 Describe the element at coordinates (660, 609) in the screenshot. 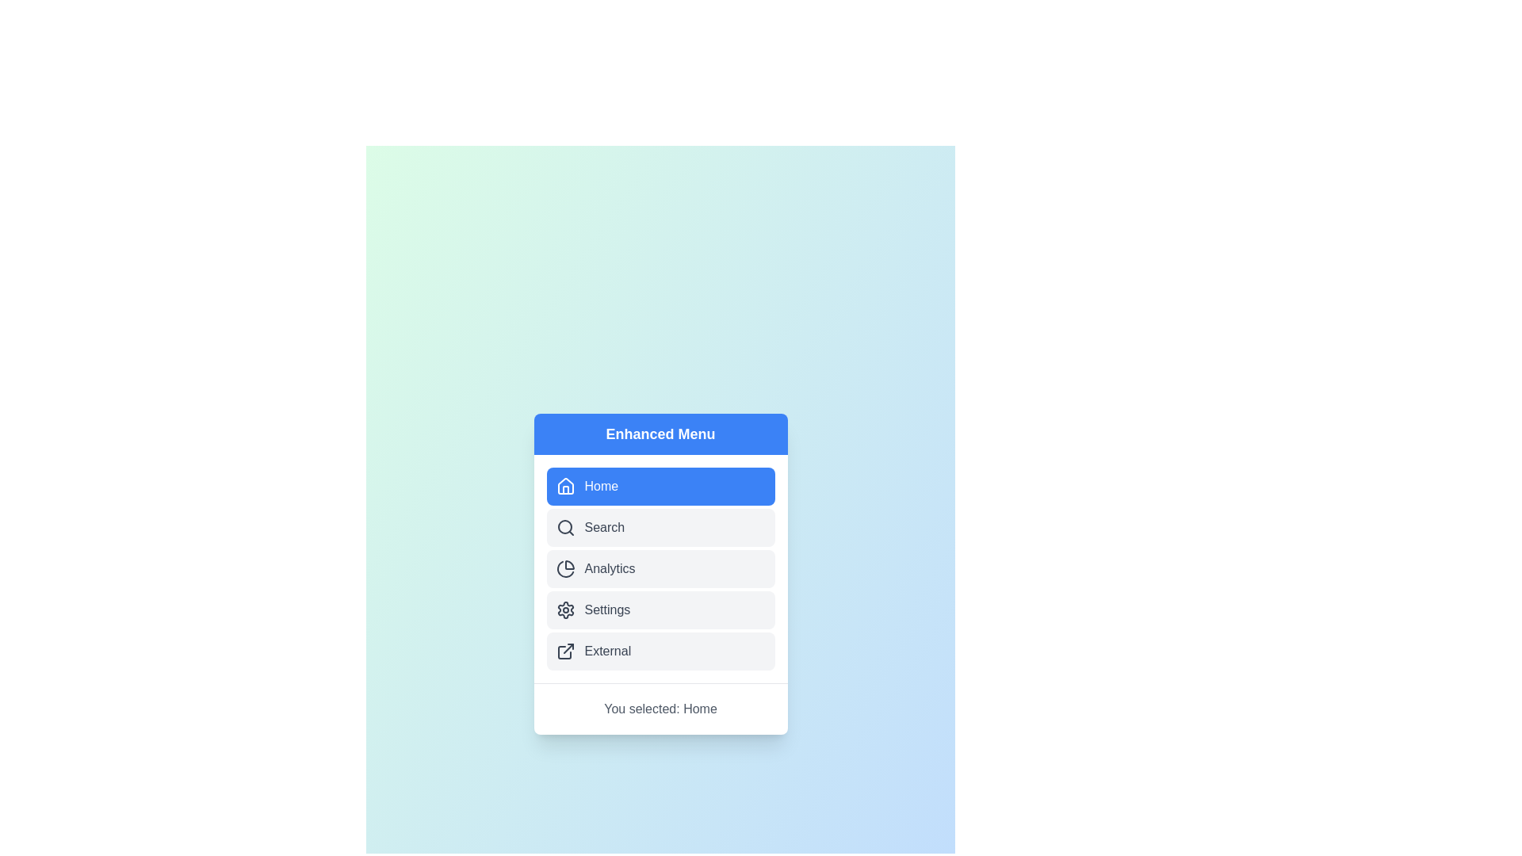

I see `the menu item labeled Settings to view its hover effect` at that location.